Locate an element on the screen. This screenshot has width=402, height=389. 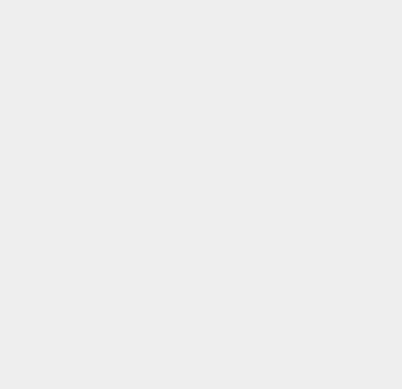
'Marketing' is located at coordinates (296, 350).